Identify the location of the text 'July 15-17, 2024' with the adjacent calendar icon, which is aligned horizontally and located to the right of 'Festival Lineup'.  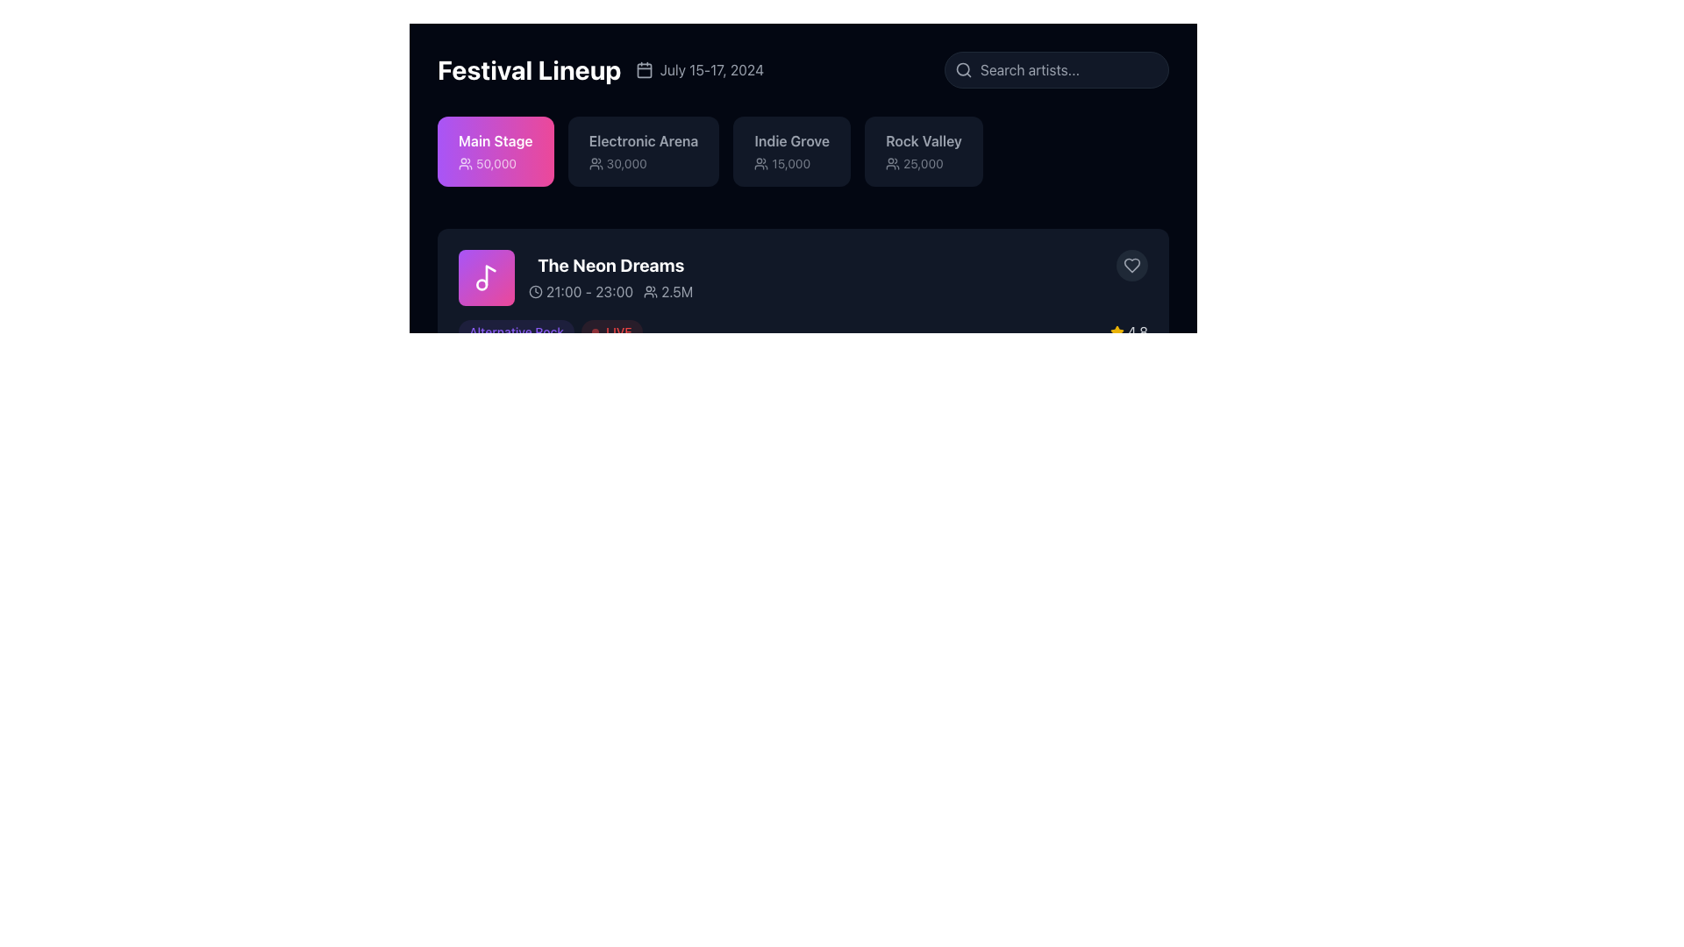
(698, 69).